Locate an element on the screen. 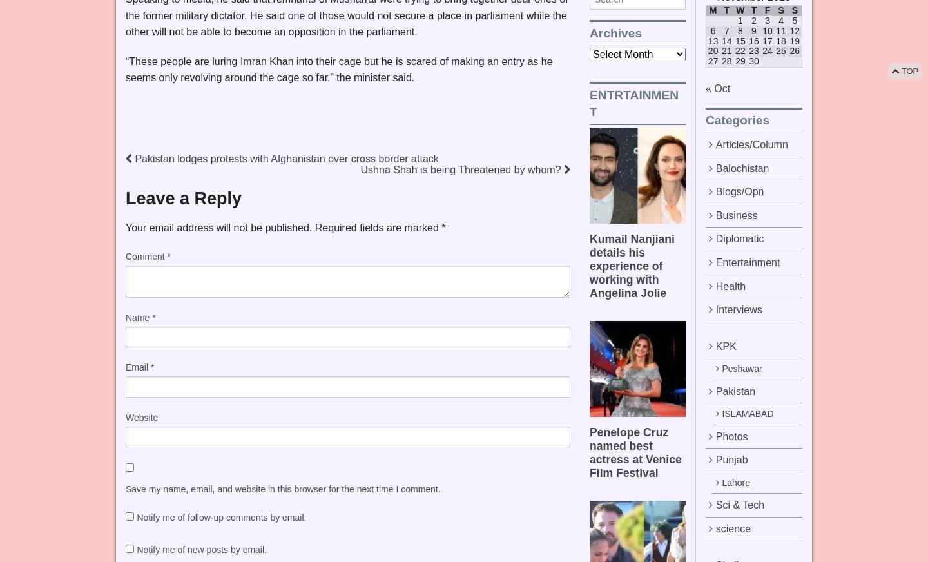 This screenshot has height=562, width=928. '17' is located at coordinates (767, 39).